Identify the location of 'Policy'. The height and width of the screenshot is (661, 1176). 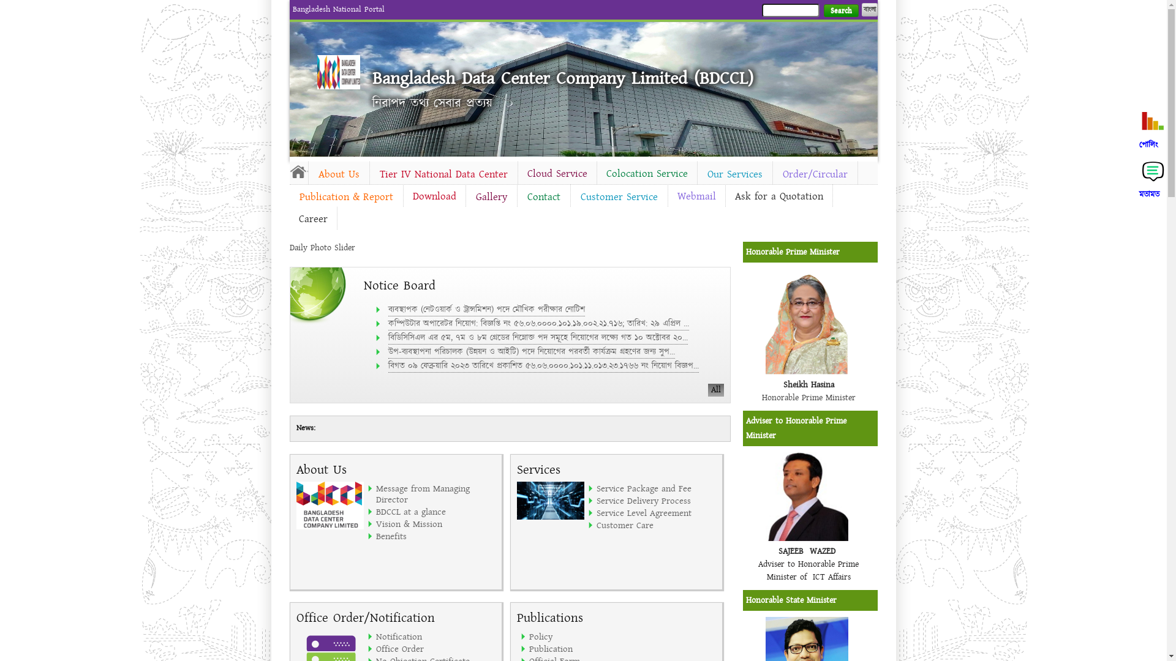
(589, 636).